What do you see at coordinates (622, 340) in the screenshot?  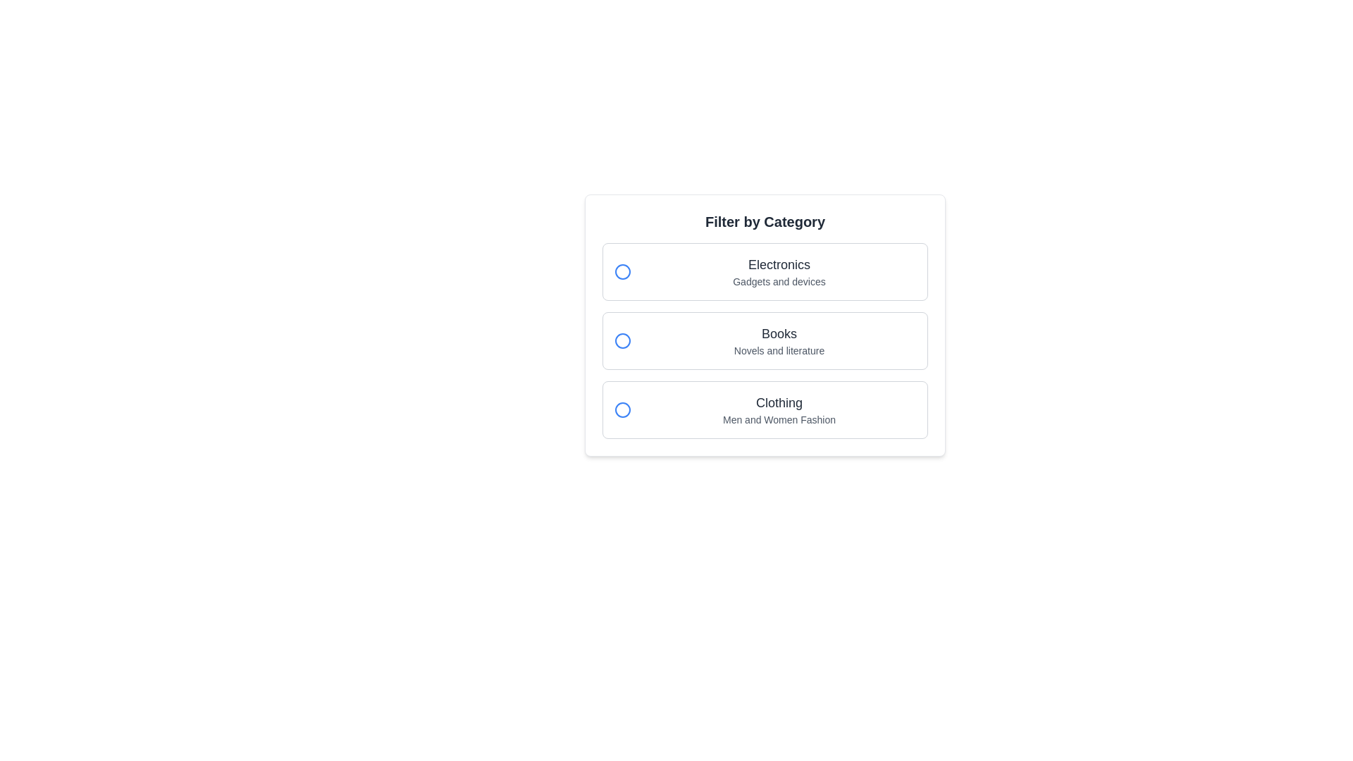 I see `the radio button for the 'Books' category in the filter UI, which is the second item in a vertical stack of similar radio buttons` at bounding box center [622, 340].